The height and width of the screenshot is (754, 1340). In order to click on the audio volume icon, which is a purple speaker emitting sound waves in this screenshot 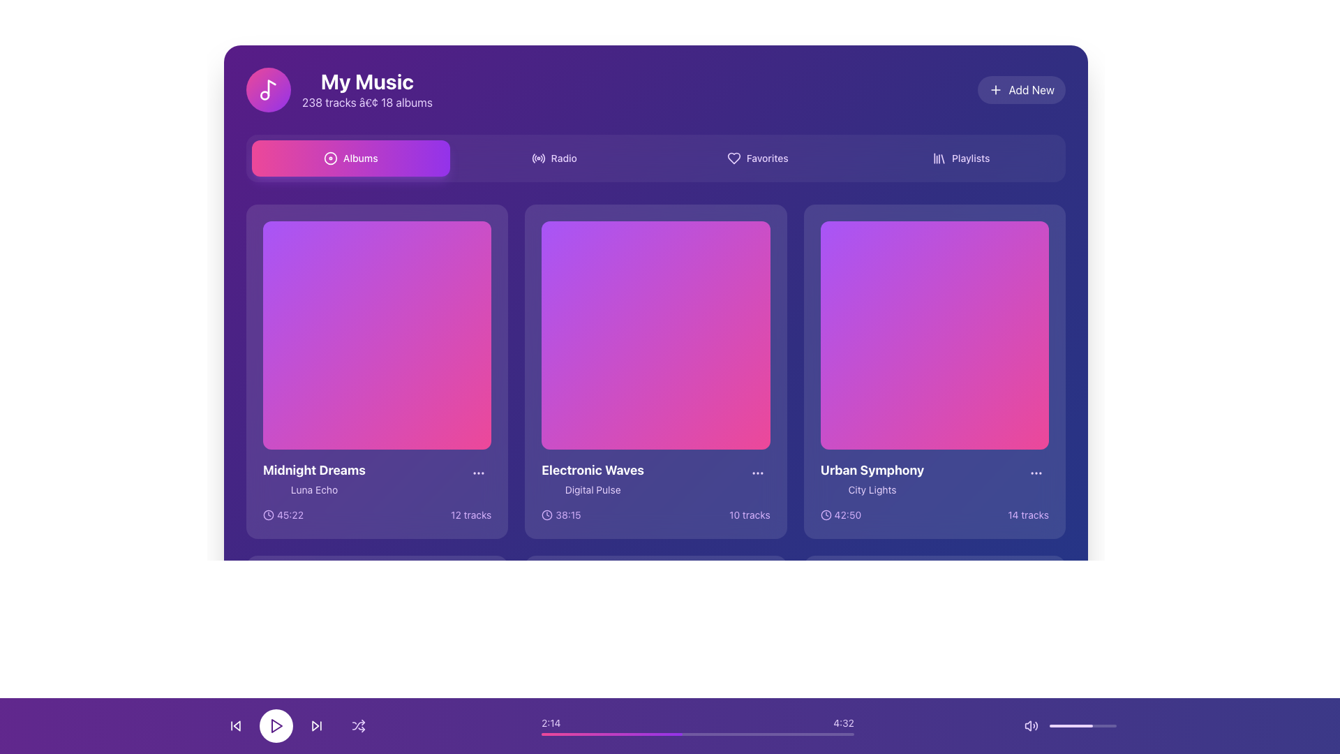, I will do `click(1032, 725)`.